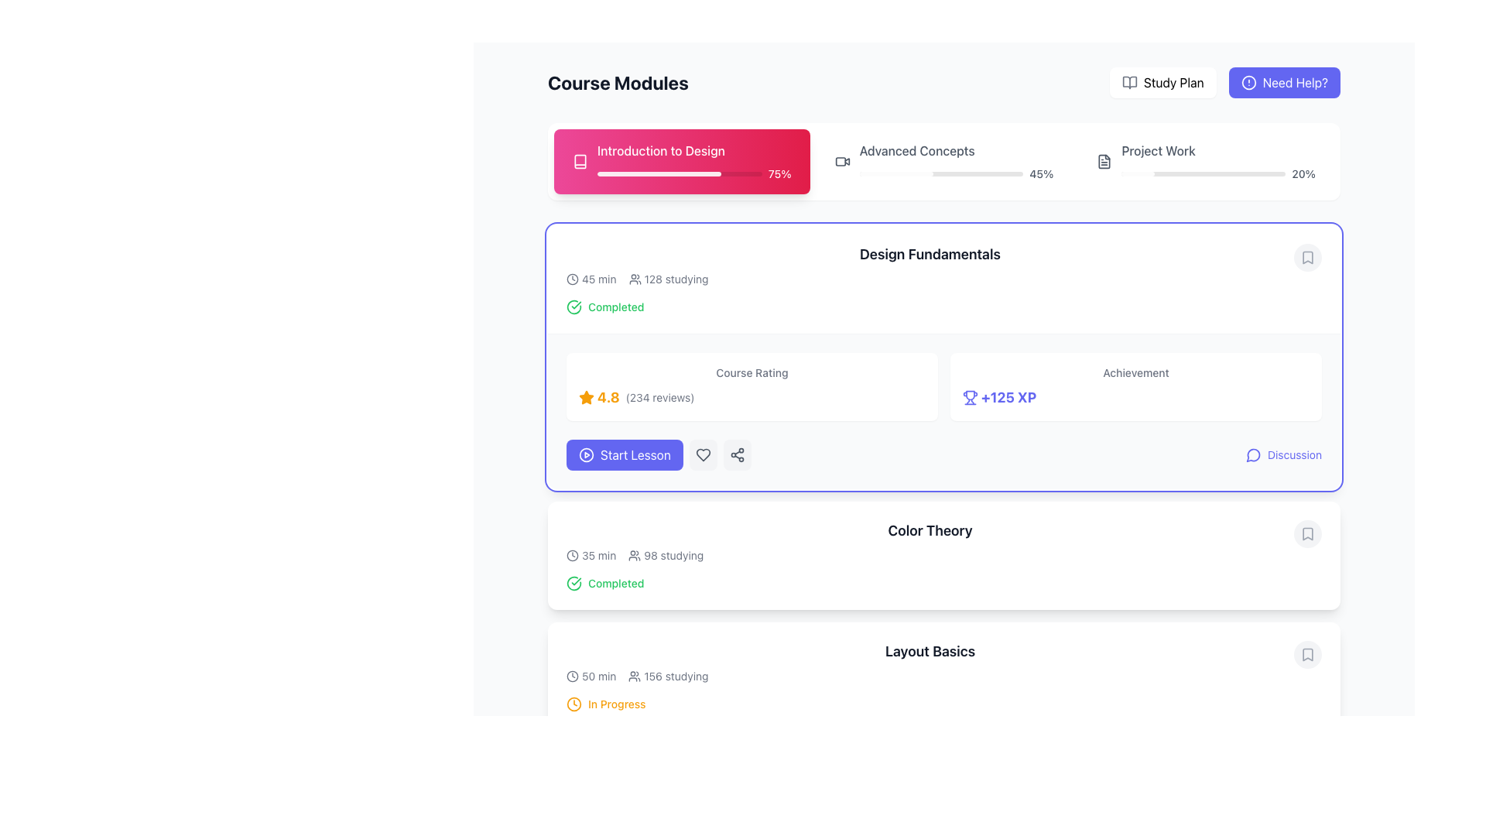  What do you see at coordinates (680, 173) in the screenshot?
I see `the visual representation of the progress percentage (75%) in the Progress Bar located below the 'Introduction to Design' module title` at bounding box center [680, 173].